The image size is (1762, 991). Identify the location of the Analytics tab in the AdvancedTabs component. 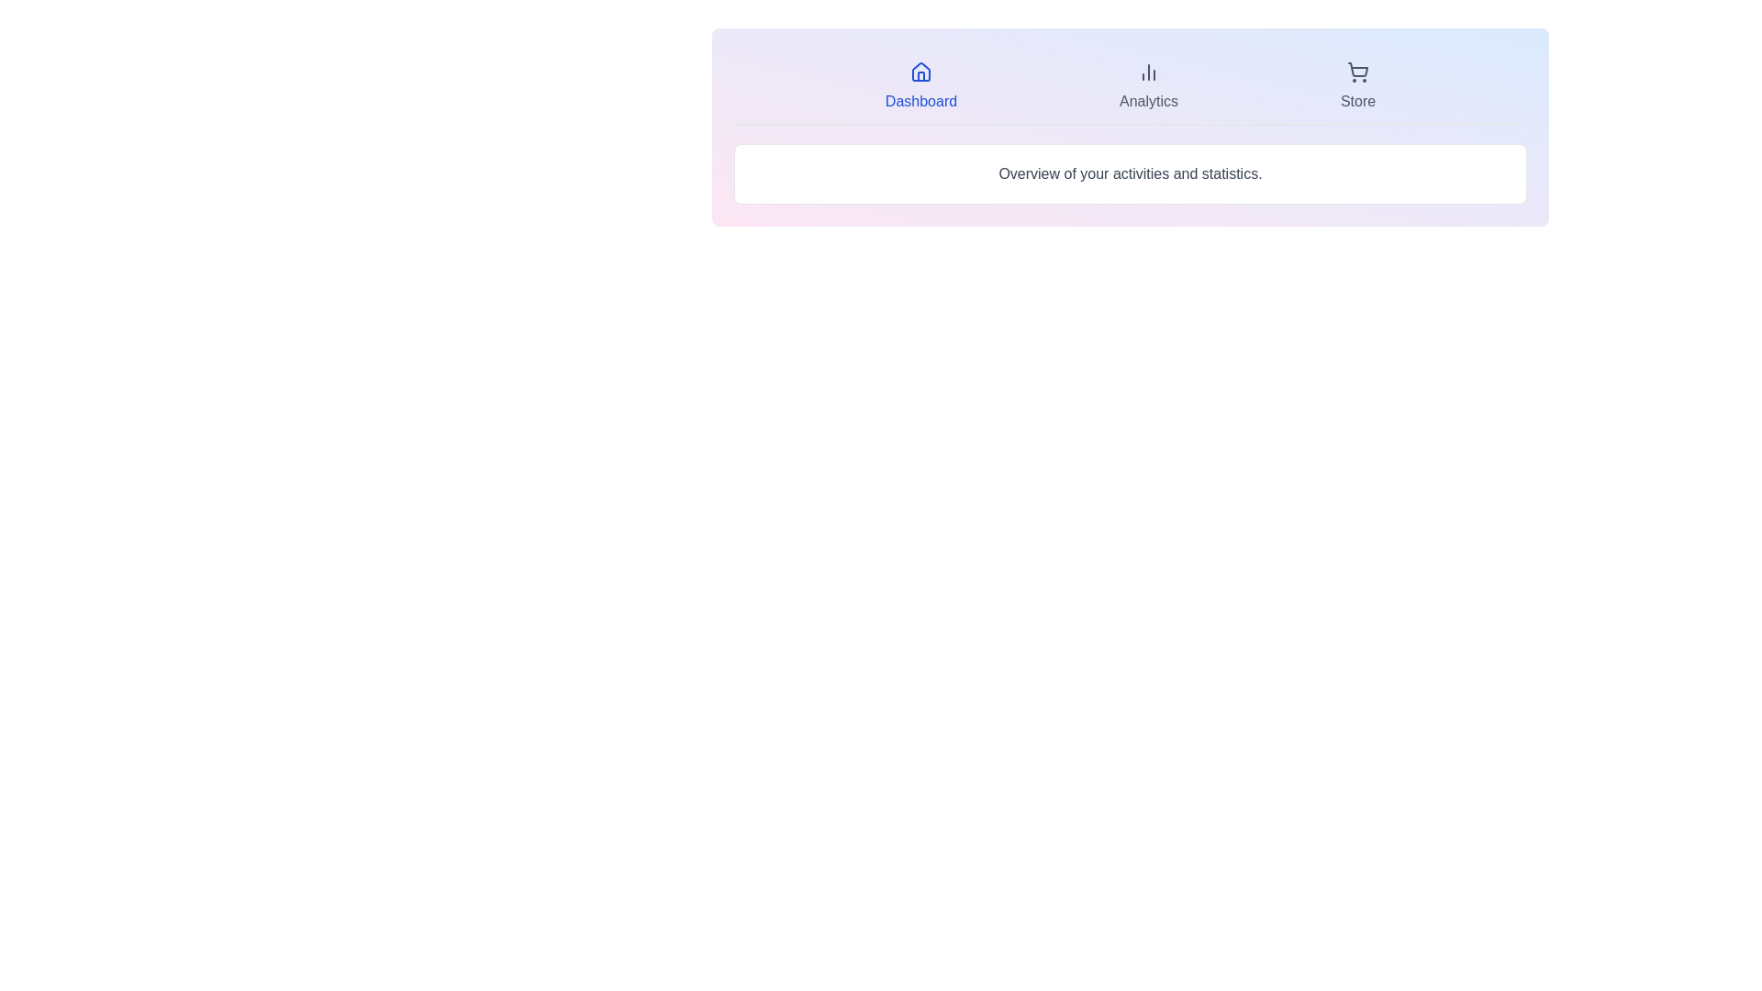
(1148, 87).